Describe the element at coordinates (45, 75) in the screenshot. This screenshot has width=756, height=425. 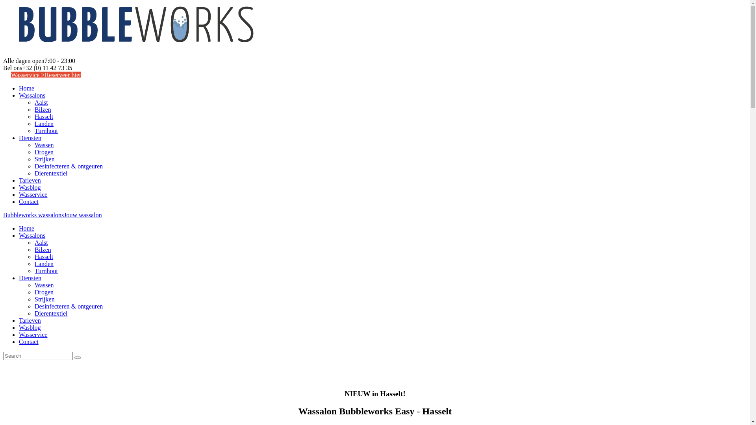
I see `'Wasservice >Reserveer hier'` at that location.